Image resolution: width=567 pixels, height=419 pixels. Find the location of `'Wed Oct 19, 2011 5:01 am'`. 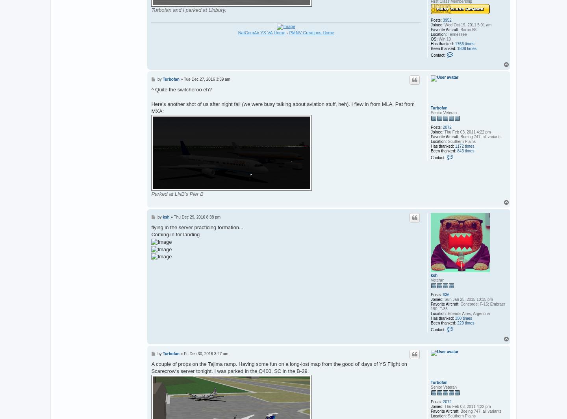

'Wed Oct 19, 2011 5:01 am' is located at coordinates (467, 25).